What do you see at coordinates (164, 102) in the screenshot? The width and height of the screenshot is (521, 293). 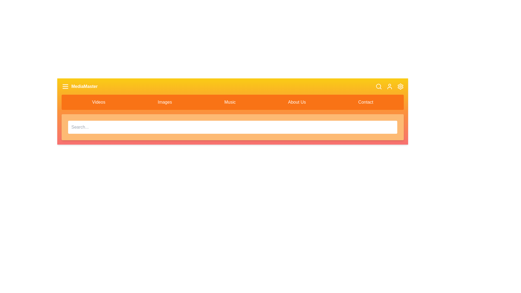 I see `the navigation item Images to navigate` at bounding box center [164, 102].